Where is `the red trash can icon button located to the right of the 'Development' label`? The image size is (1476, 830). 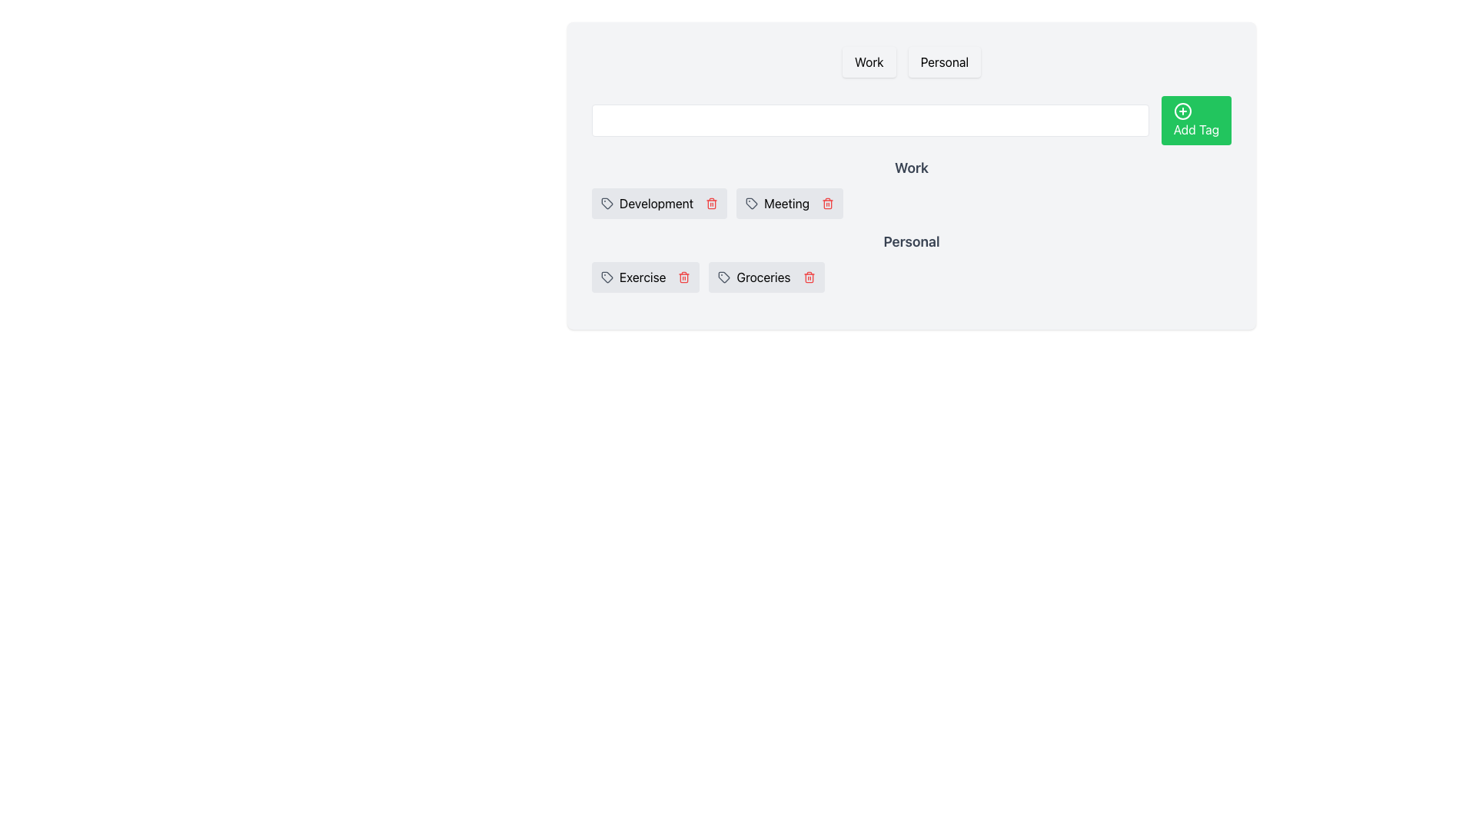 the red trash can icon button located to the right of the 'Development' label is located at coordinates (711, 203).